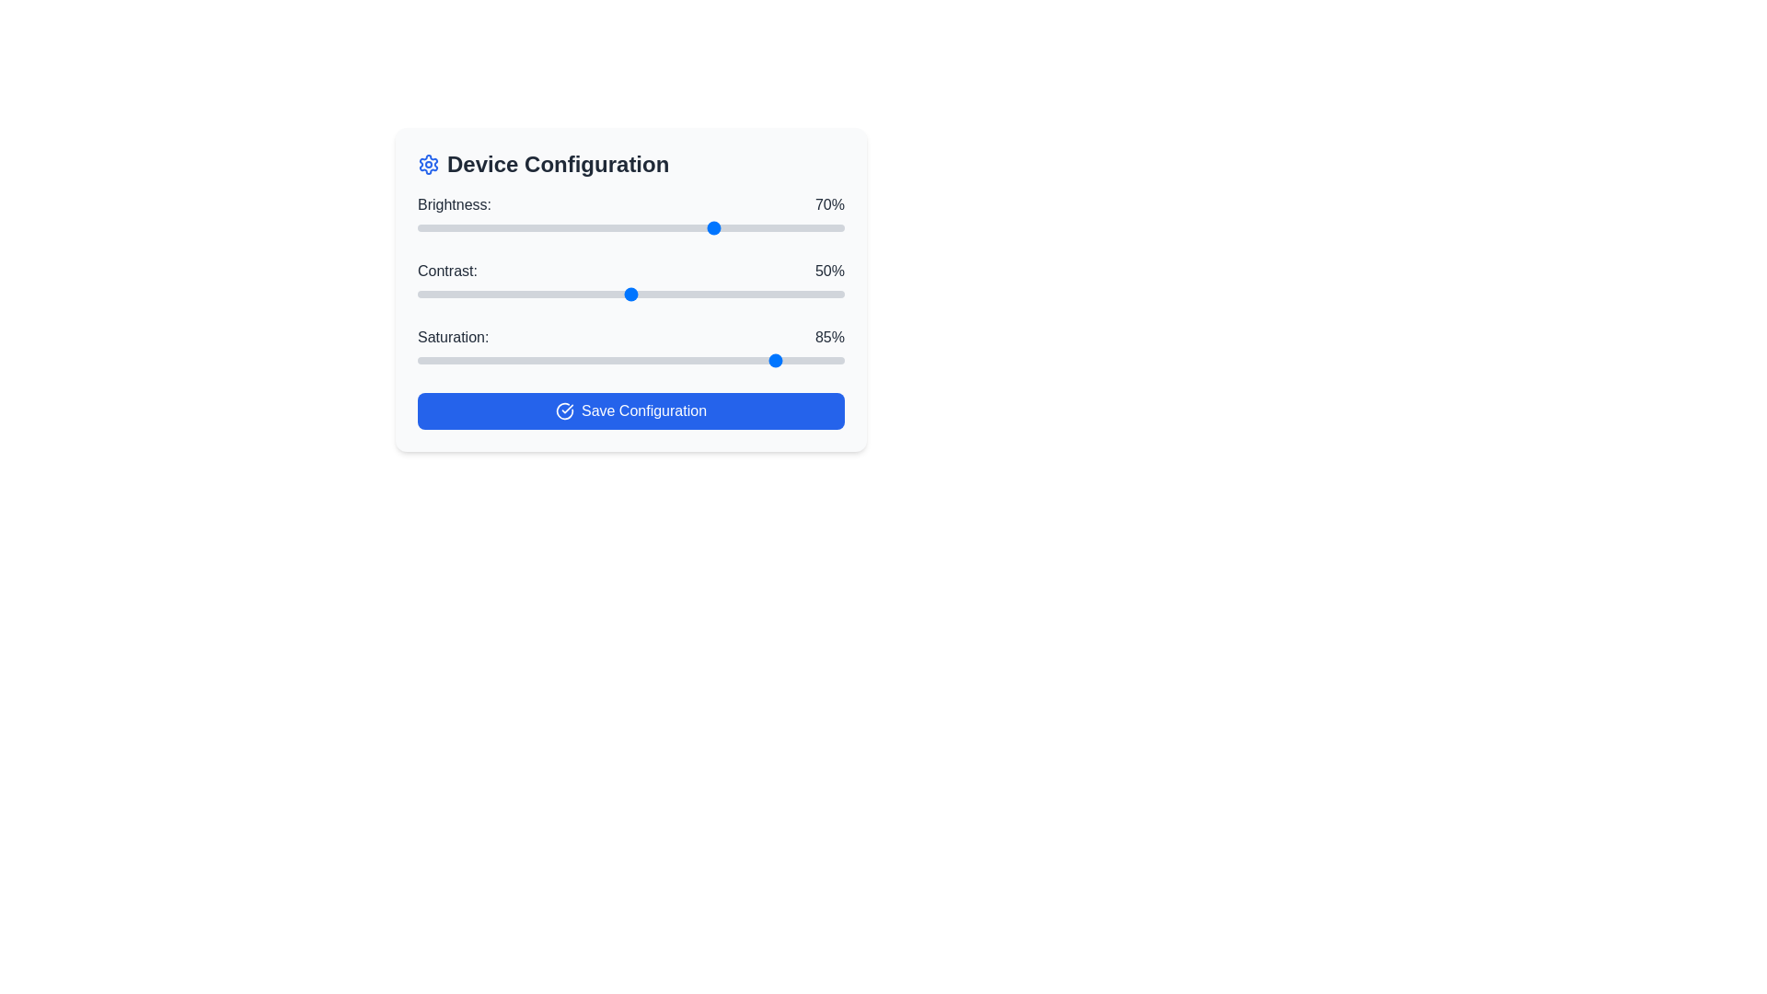 The image size is (1767, 994). Describe the element at coordinates (829, 205) in the screenshot. I see `the informational text label displaying the brightness setting, located at the far right of the 'Brightness' settings row` at that location.